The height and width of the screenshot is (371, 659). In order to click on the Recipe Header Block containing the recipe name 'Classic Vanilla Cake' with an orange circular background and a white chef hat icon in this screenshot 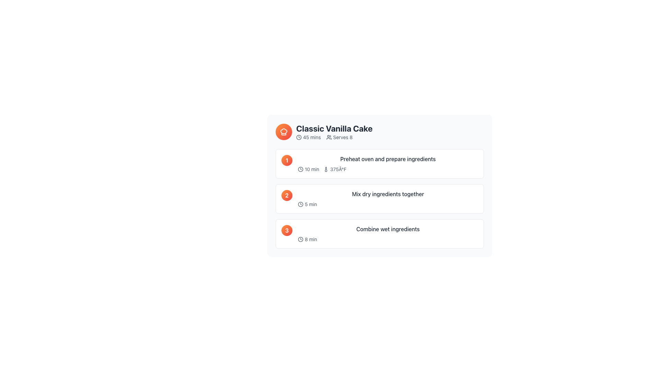, I will do `click(324, 132)`.